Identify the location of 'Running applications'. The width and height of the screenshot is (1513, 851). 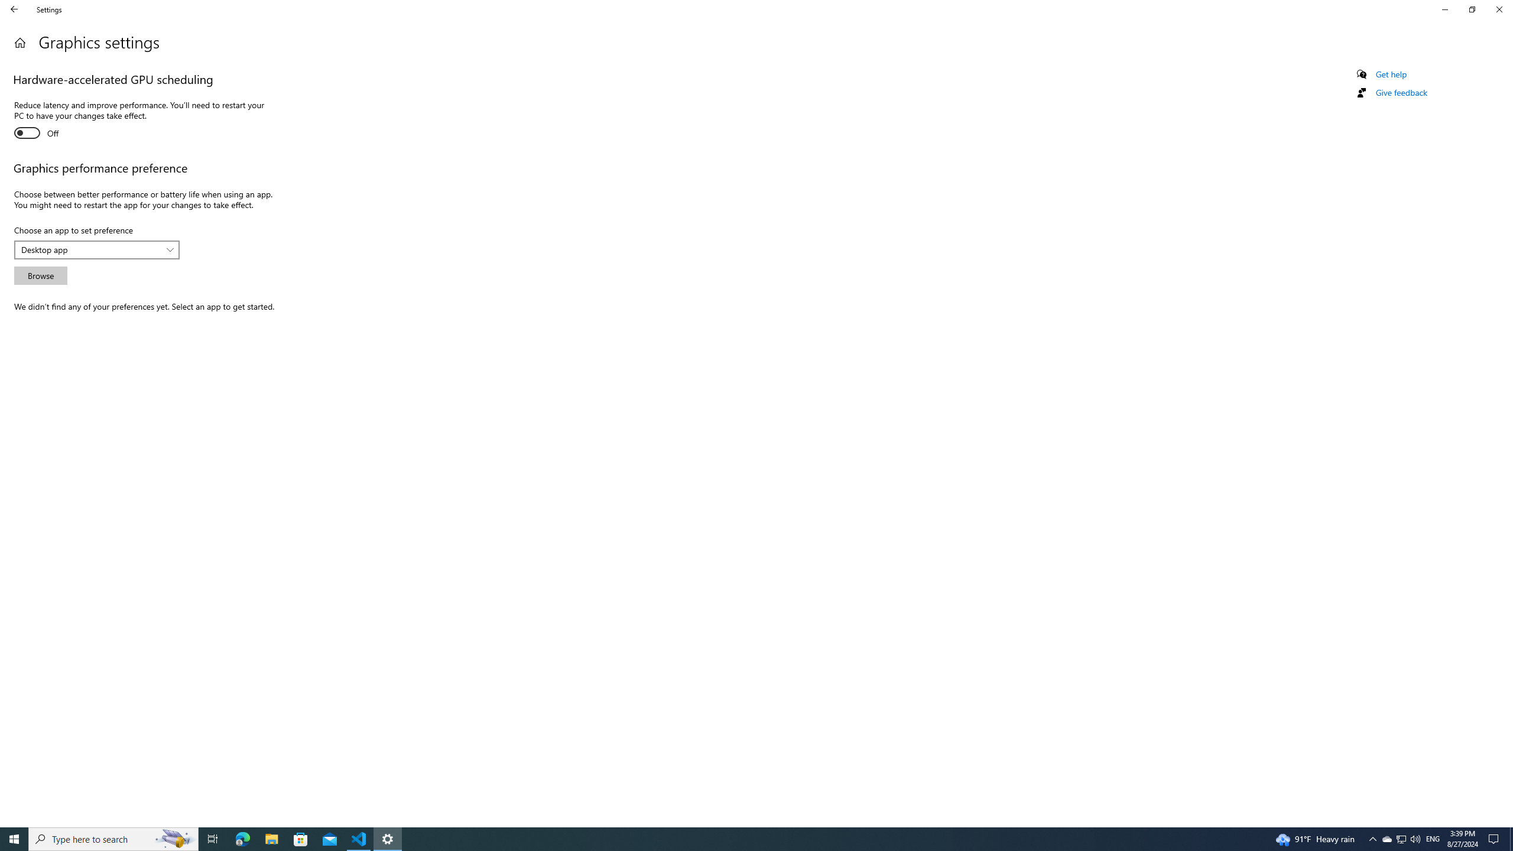
(734, 838).